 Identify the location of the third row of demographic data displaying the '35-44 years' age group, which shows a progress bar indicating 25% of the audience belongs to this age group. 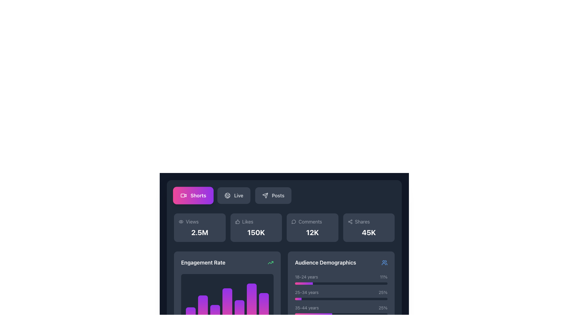
(341, 310).